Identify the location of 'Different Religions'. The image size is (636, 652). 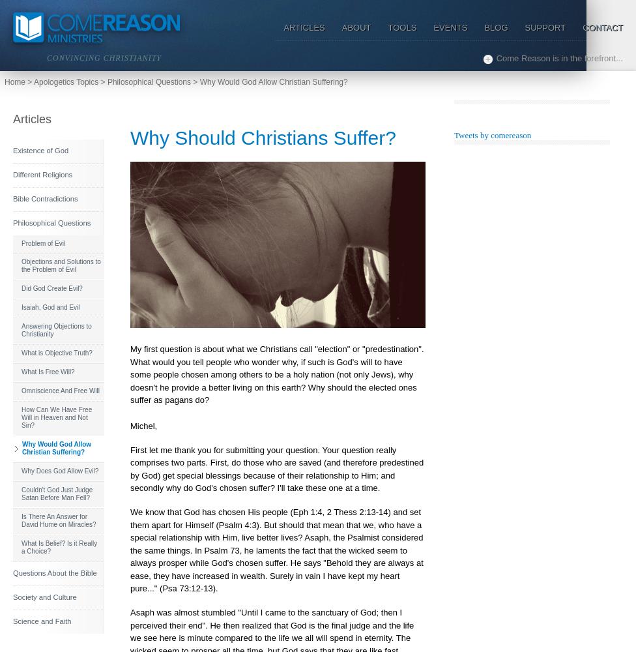
(42, 175).